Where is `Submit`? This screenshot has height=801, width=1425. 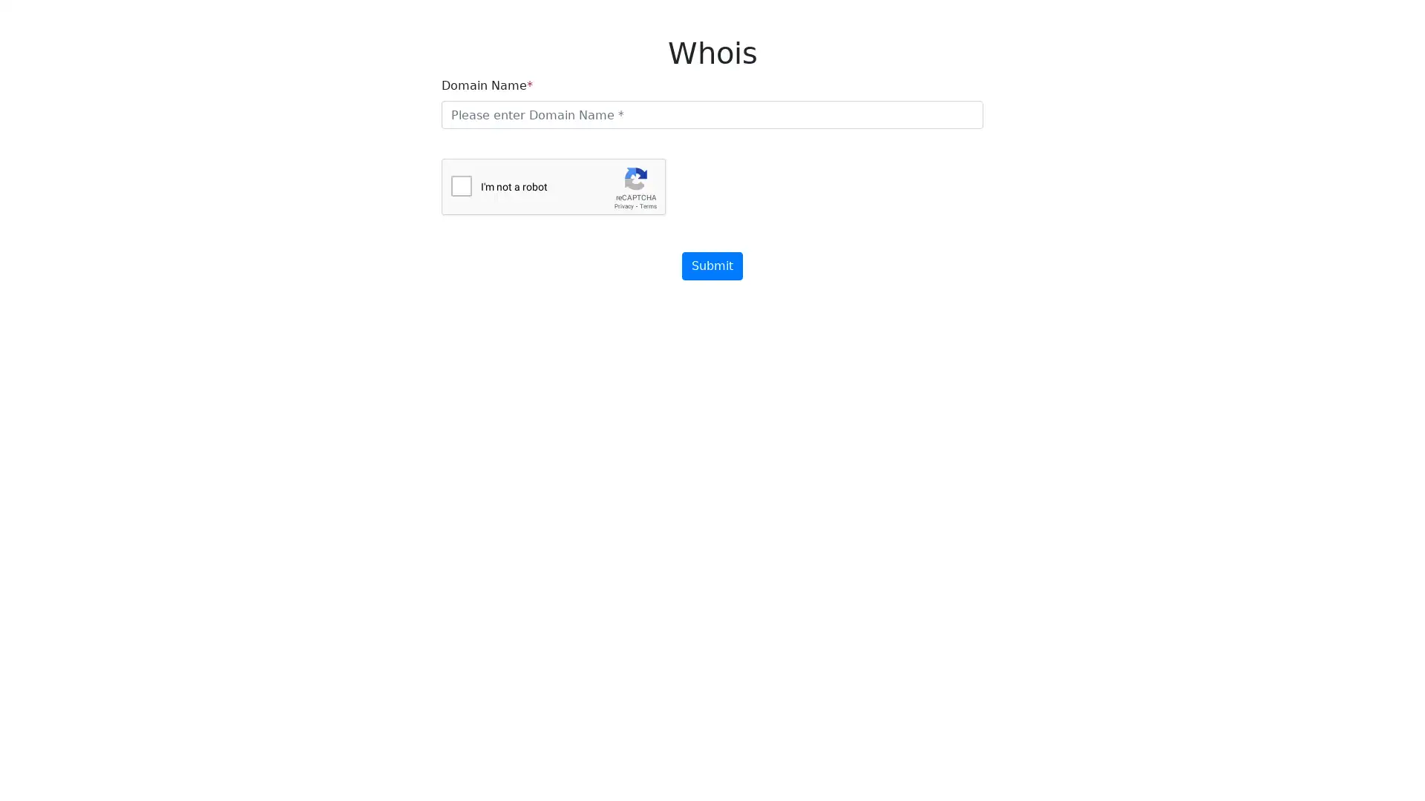
Submit is located at coordinates (712, 265).